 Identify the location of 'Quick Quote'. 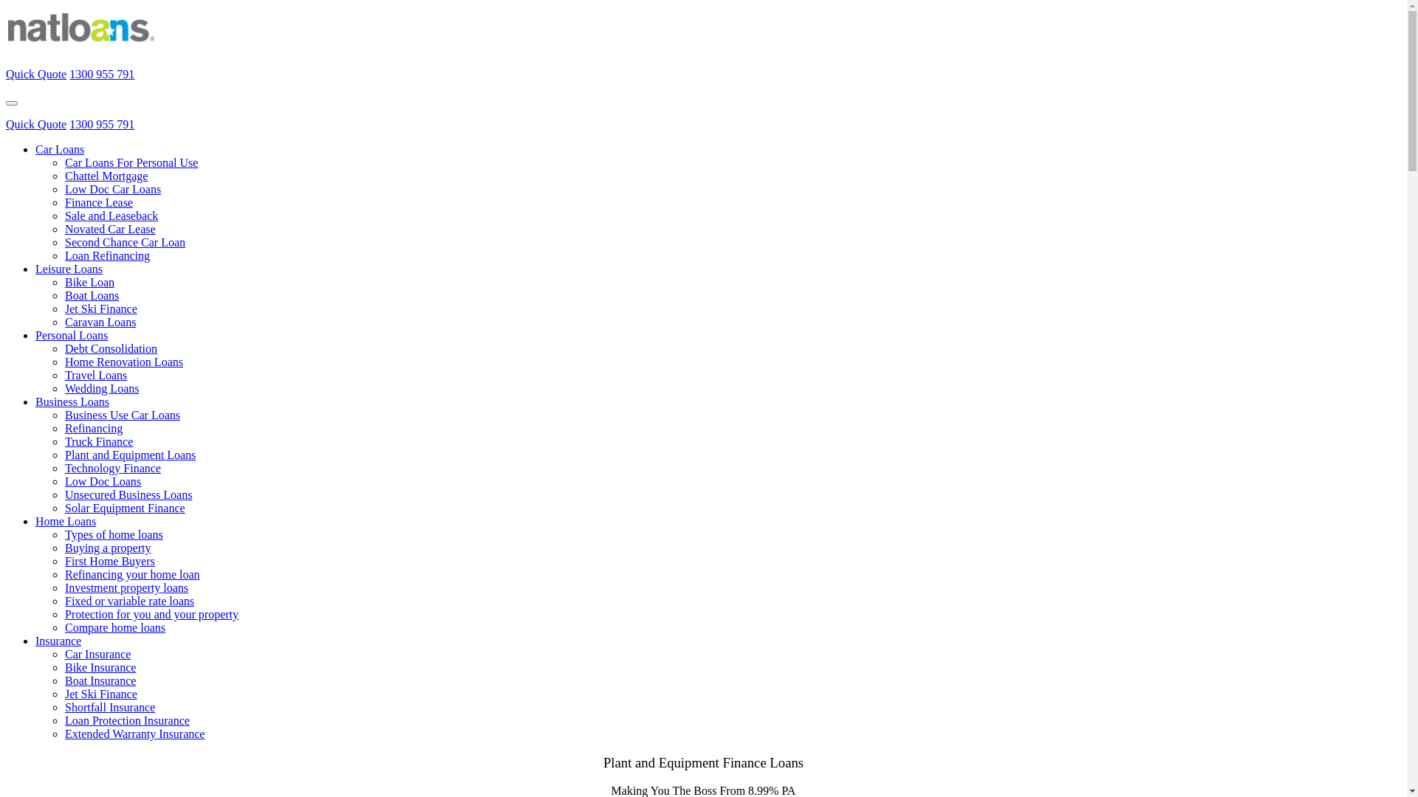
(35, 74).